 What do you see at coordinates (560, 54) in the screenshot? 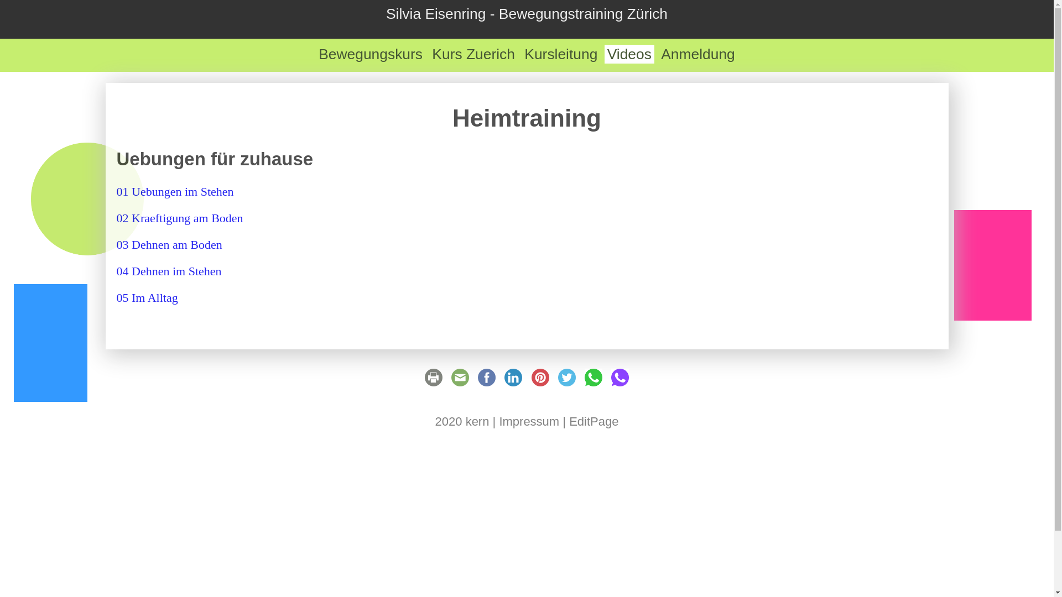
I see `'Kursleitung'` at bounding box center [560, 54].